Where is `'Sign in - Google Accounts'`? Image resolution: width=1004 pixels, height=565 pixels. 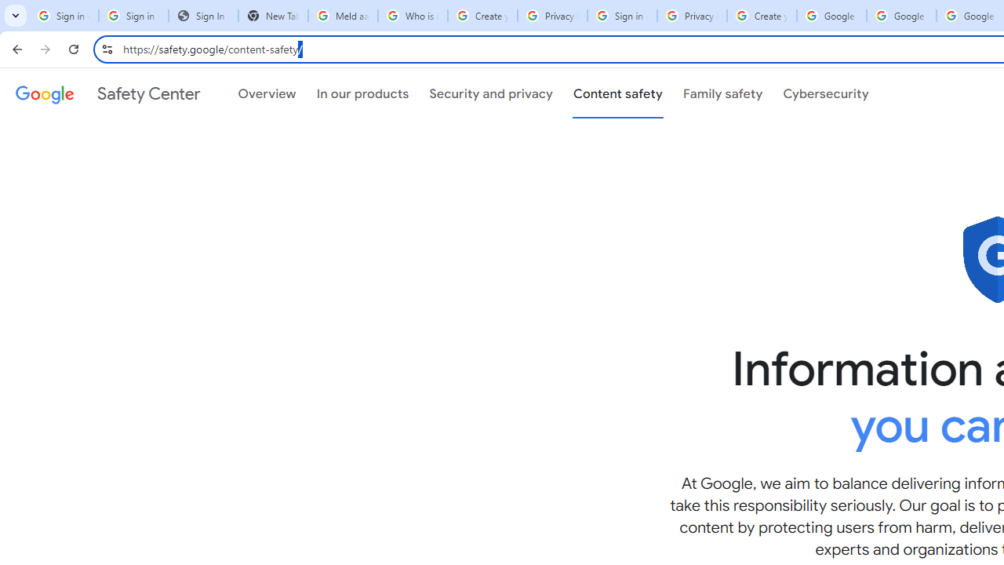 'Sign in - Google Accounts' is located at coordinates (621, 16).